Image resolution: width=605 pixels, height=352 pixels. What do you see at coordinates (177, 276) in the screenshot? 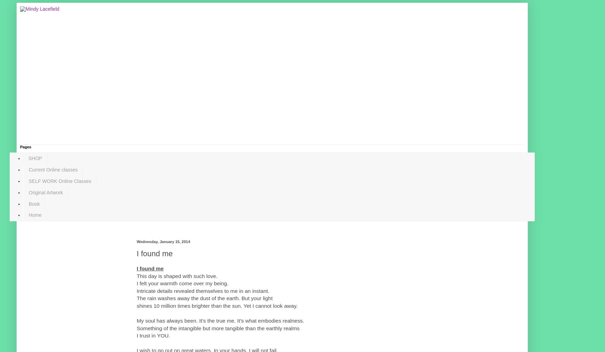
I see `'This day is shaped with such love.'` at bounding box center [177, 276].